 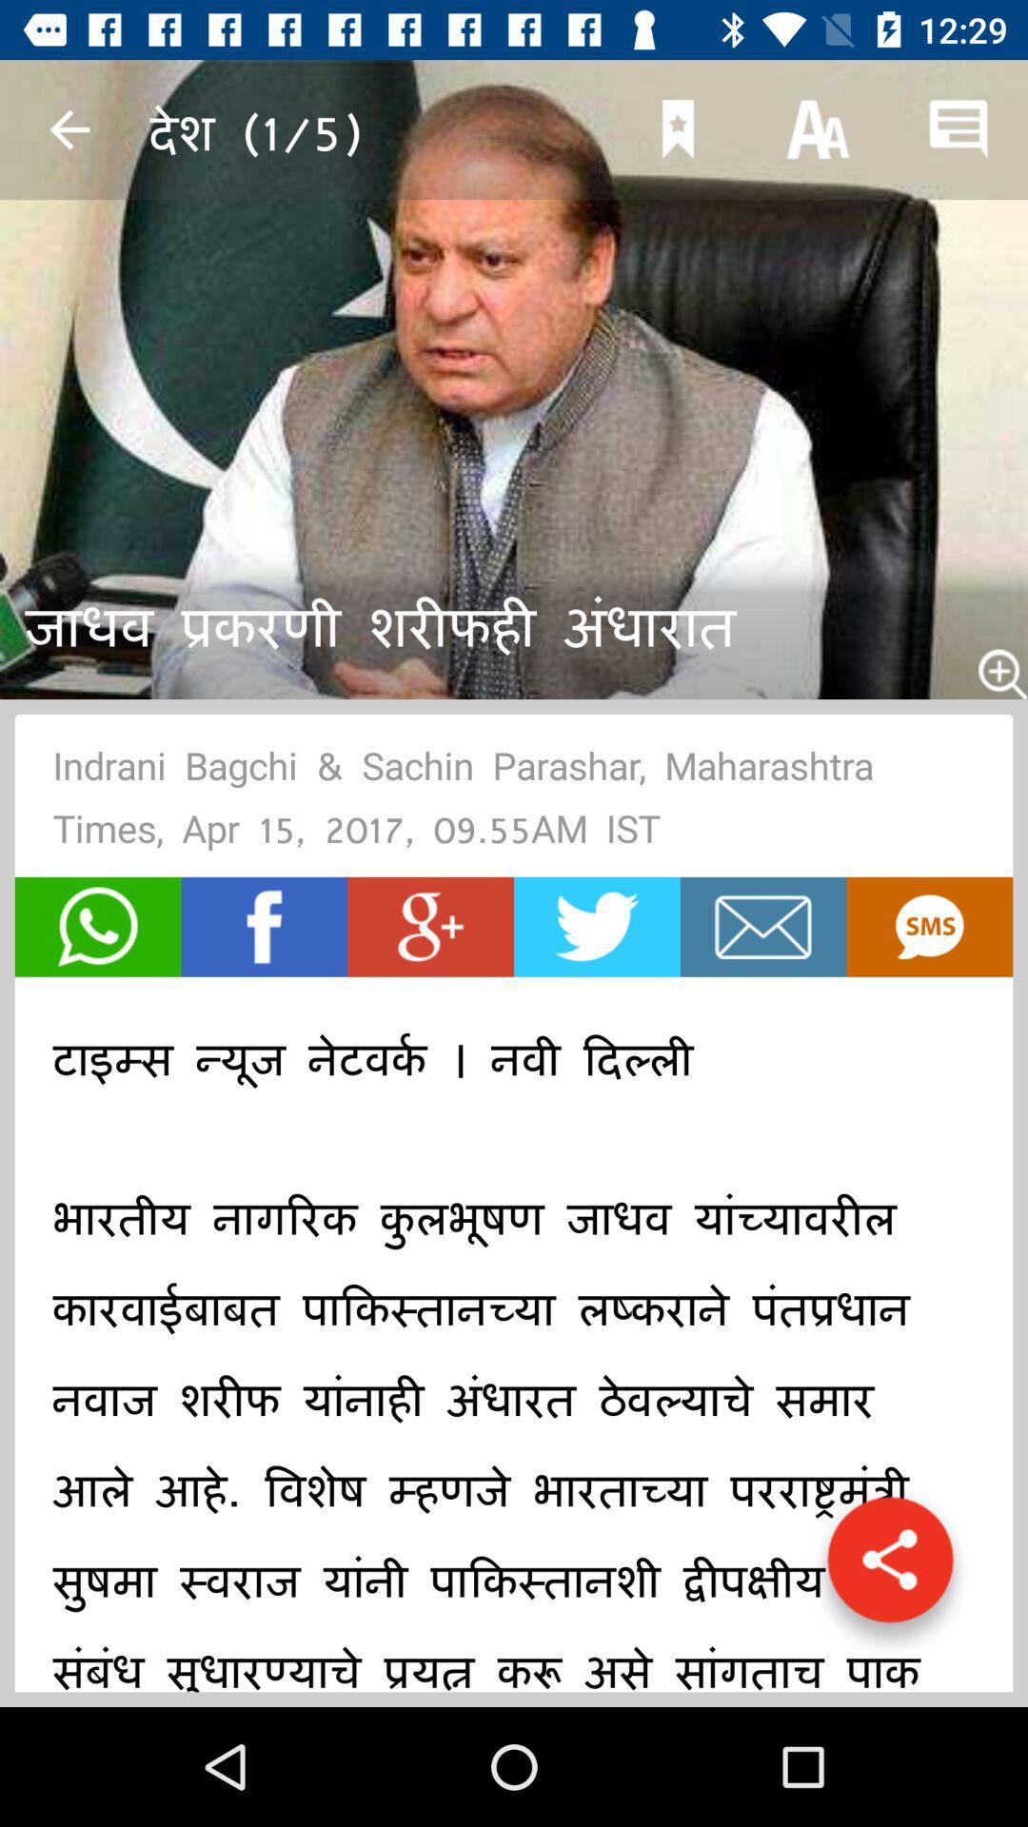 I want to click on share options, so click(x=890, y=1569).